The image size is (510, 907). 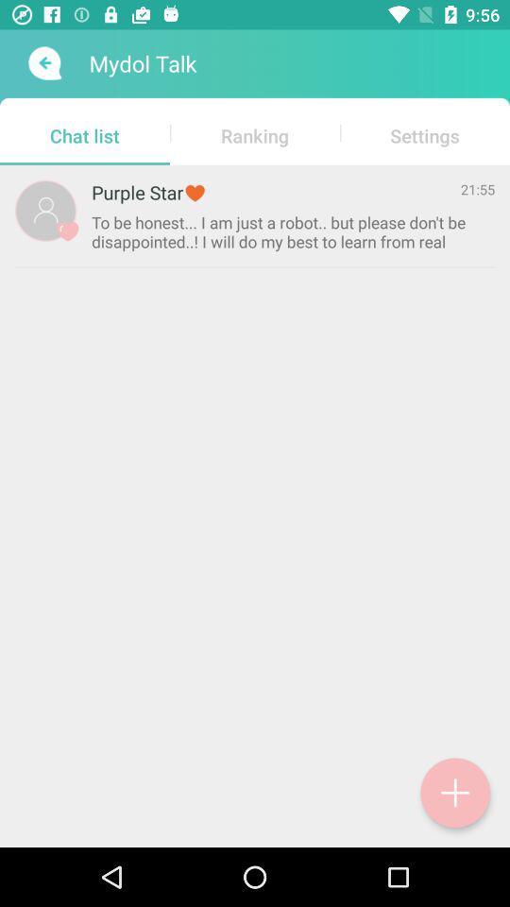 What do you see at coordinates (42, 63) in the screenshot?
I see `go back` at bounding box center [42, 63].